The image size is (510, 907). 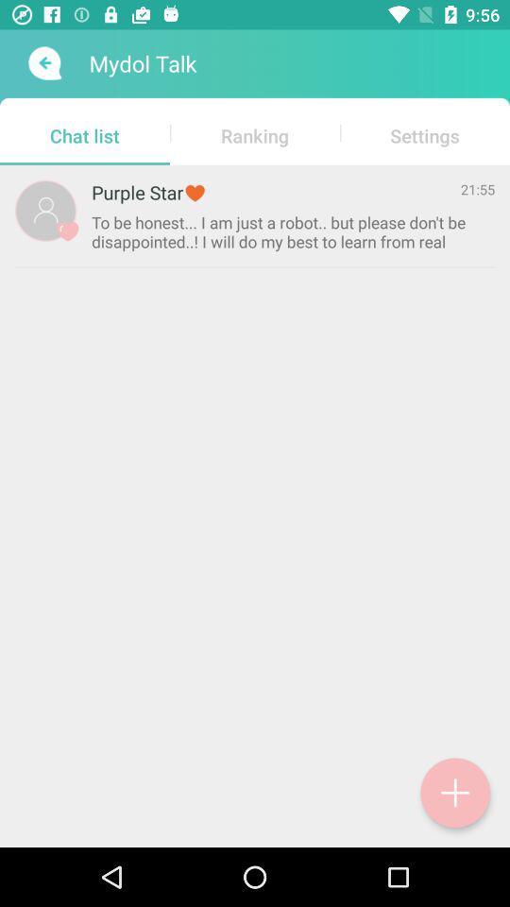 What do you see at coordinates (42, 63) in the screenshot?
I see `go back` at bounding box center [42, 63].